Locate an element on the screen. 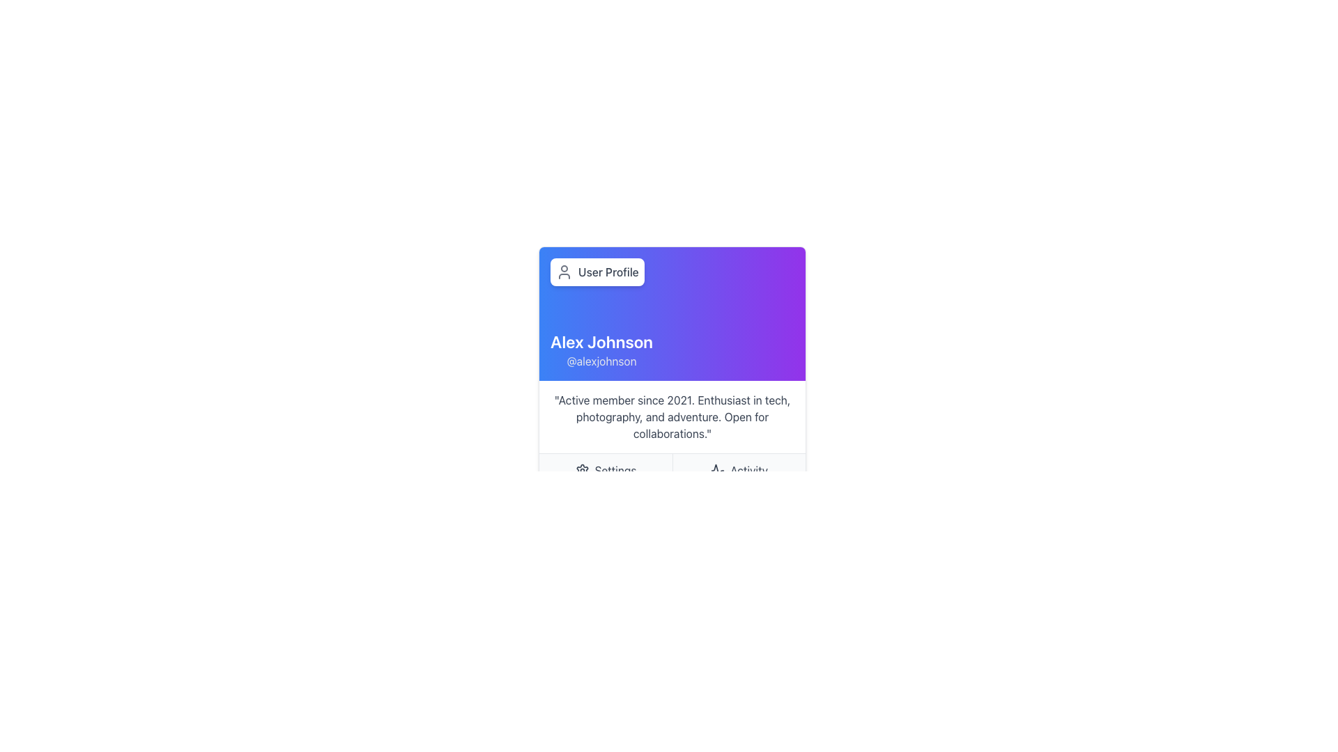  the navigational button located in the lower section of the interface is located at coordinates (606, 470).